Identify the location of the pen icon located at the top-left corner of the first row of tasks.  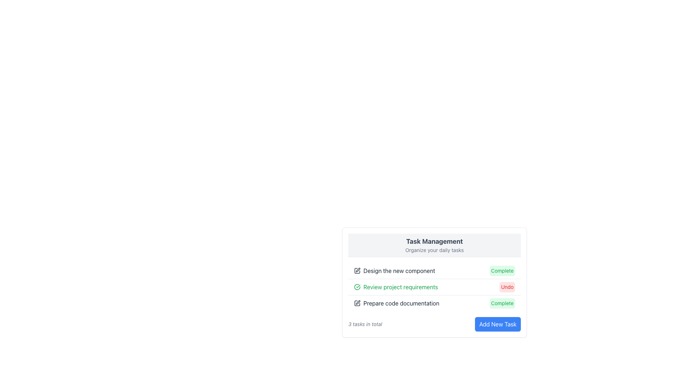
(358, 270).